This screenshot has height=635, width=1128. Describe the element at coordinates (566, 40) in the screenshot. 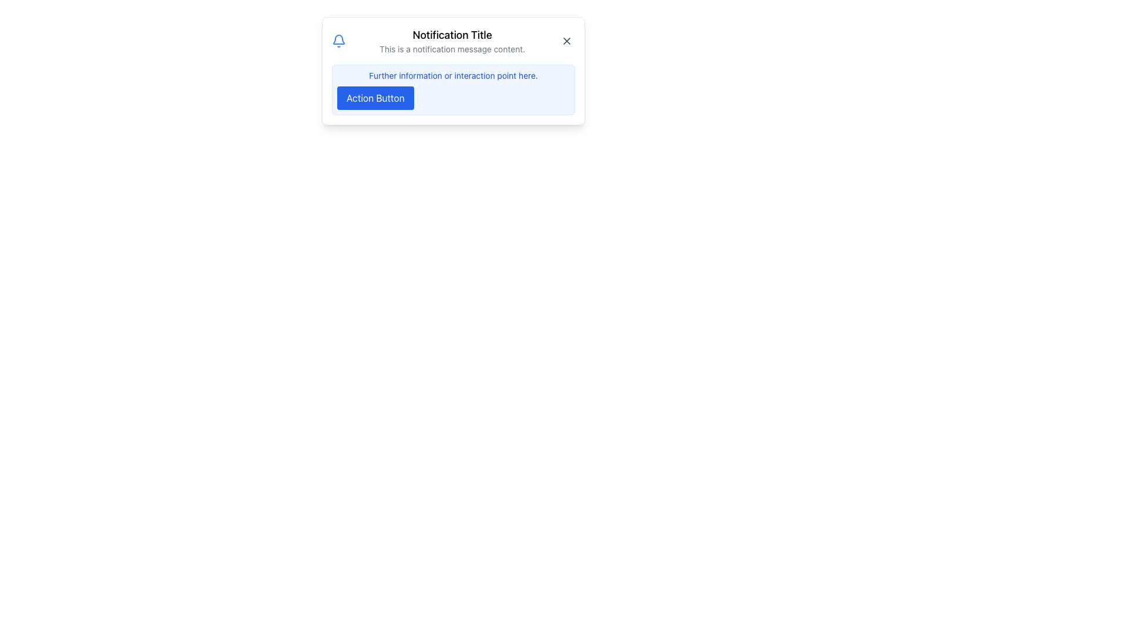

I see `the close button icon located in the top-right corner of the notification card` at that location.